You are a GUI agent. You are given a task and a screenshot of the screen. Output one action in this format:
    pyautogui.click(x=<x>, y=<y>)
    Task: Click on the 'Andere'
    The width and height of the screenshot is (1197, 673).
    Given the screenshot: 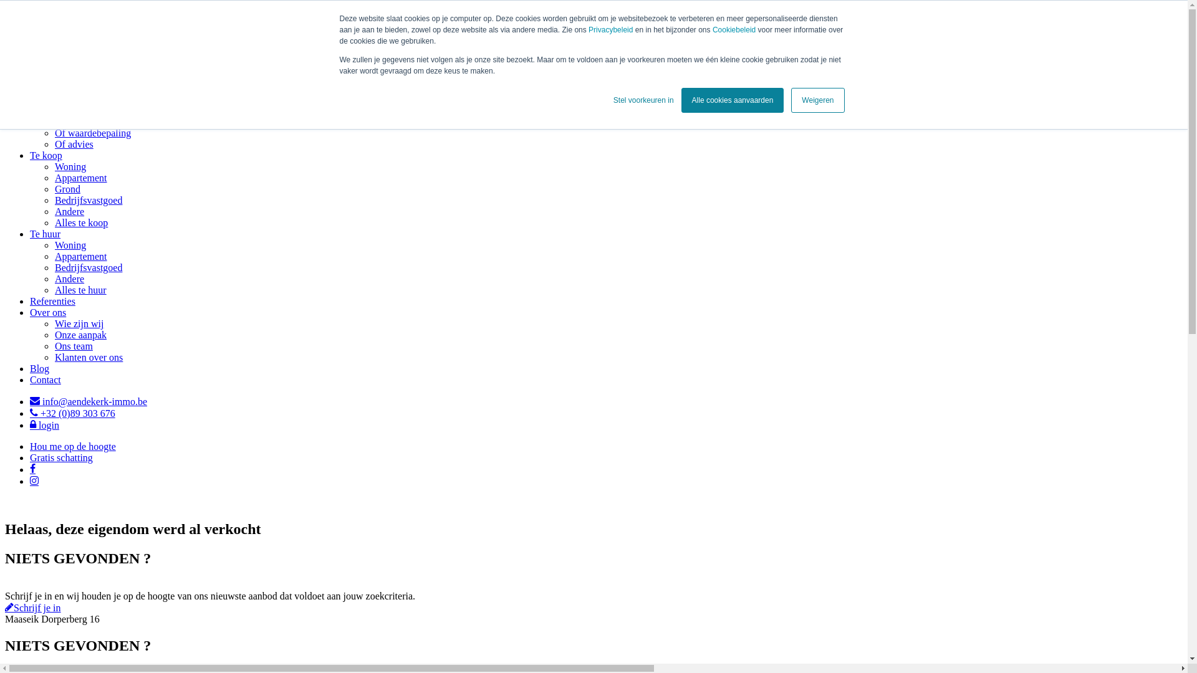 What is the action you would take?
    pyautogui.click(x=69, y=278)
    